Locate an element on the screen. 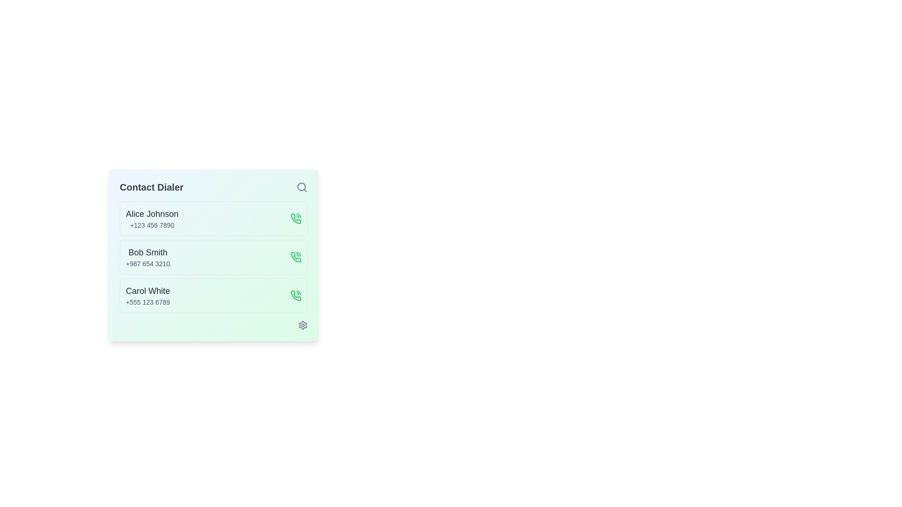  the Contact Card for 'Bob Smith' is located at coordinates (213, 257).